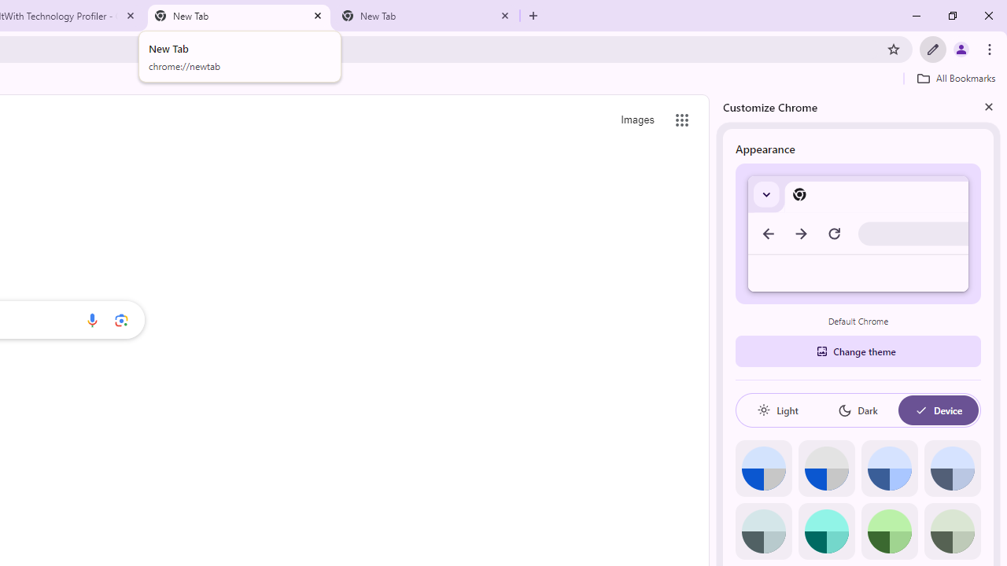 This screenshot has height=566, width=1007. Describe the element at coordinates (777, 410) in the screenshot. I see `'Light'` at that location.